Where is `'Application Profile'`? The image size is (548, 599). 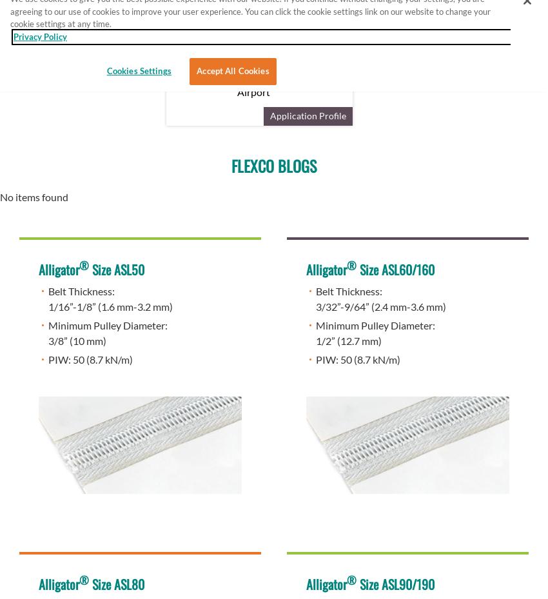
'Application Profile' is located at coordinates (308, 115).